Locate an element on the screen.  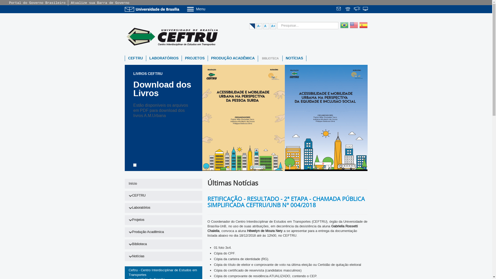
'CEFTRU' is located at coordinates (135, 58).